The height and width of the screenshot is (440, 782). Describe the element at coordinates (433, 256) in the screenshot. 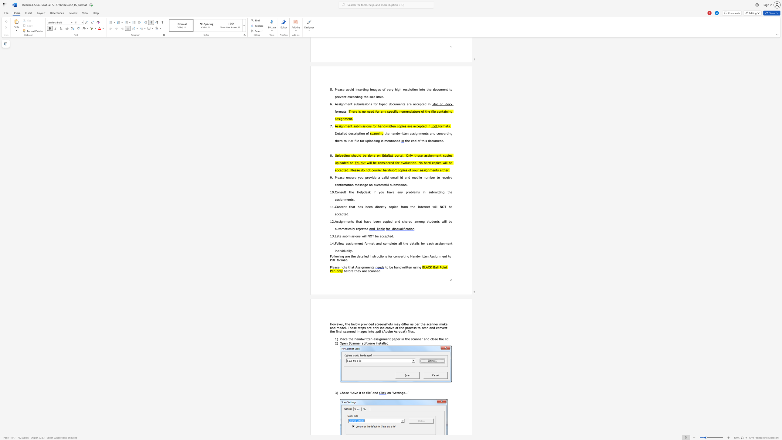

I see `the subset text "signment" within the text "Handwritten Assignment"` at that location.